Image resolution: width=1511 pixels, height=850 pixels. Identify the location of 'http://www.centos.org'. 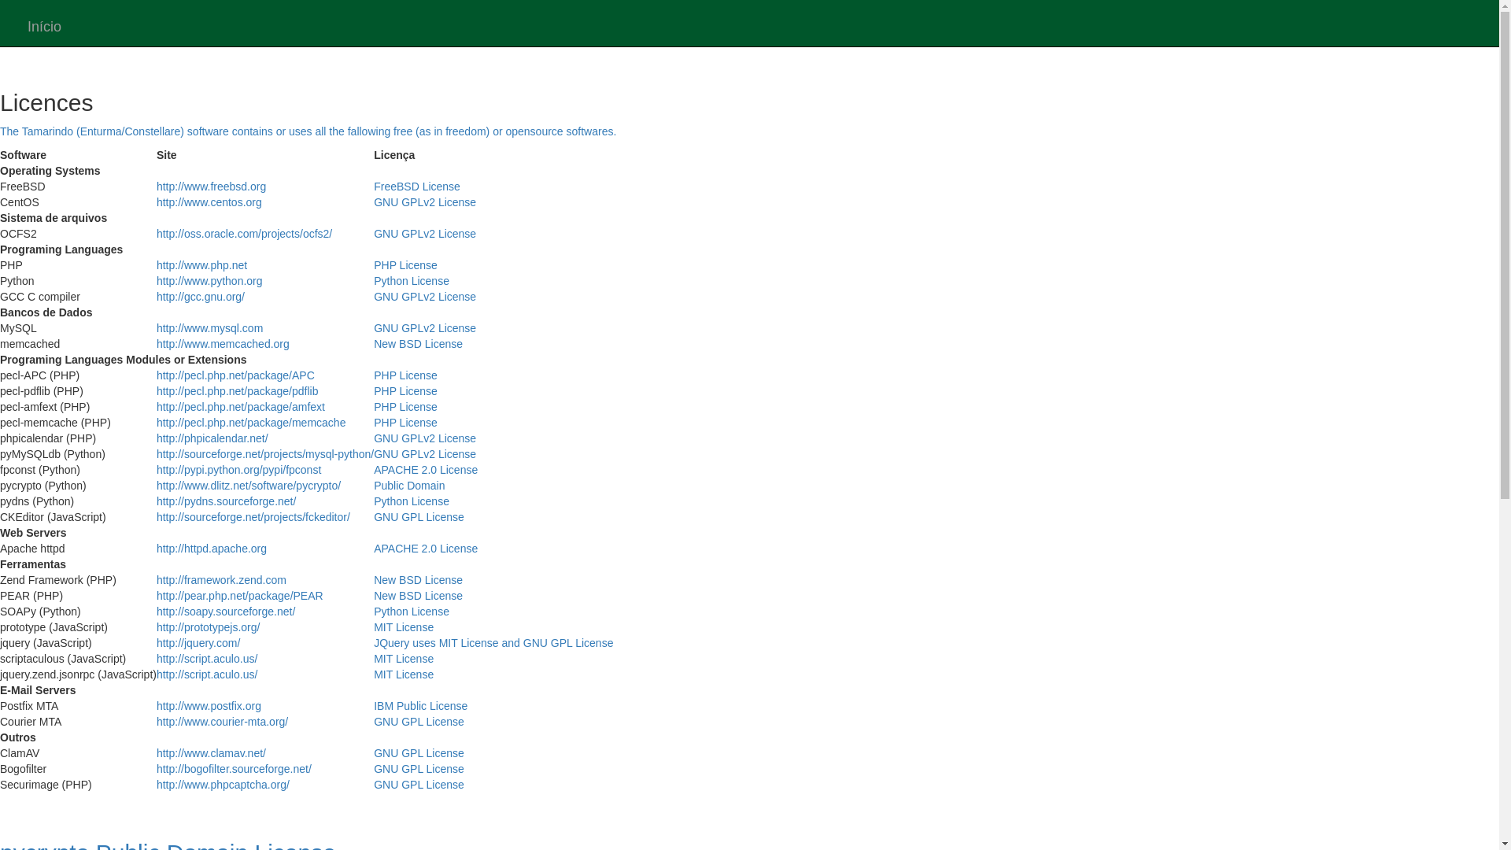
(208, 201).